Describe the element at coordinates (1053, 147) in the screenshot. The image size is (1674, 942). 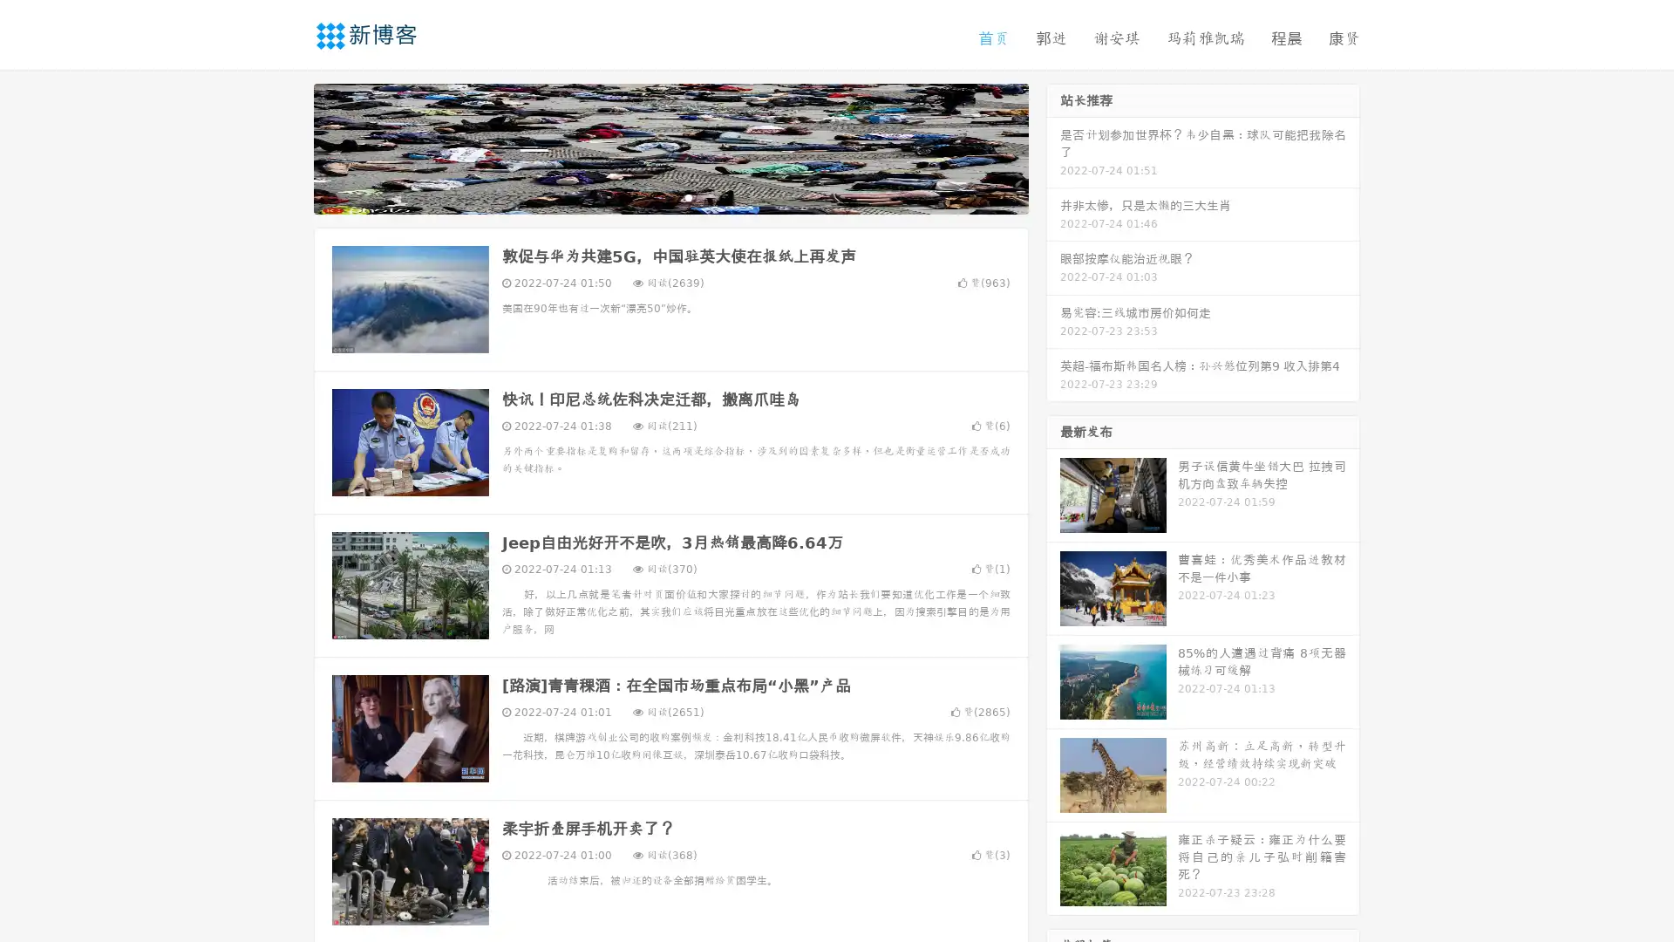
I see `Next slide` at that location.